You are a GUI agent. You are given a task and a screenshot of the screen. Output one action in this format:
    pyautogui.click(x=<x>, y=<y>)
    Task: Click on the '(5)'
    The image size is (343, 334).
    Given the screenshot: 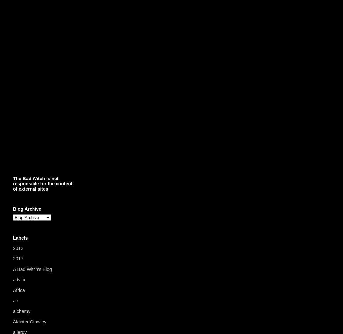 What is the action you would take?
    pyautogui.click(x=22, y=300)
    